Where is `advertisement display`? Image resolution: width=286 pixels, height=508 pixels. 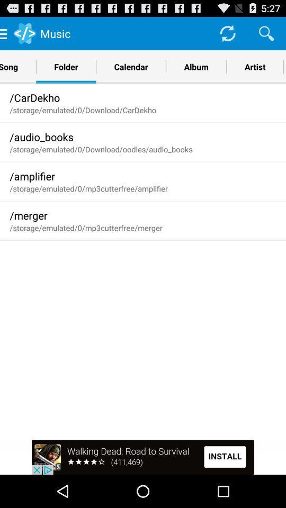
advertisement display is located at coordinates (143, 457).